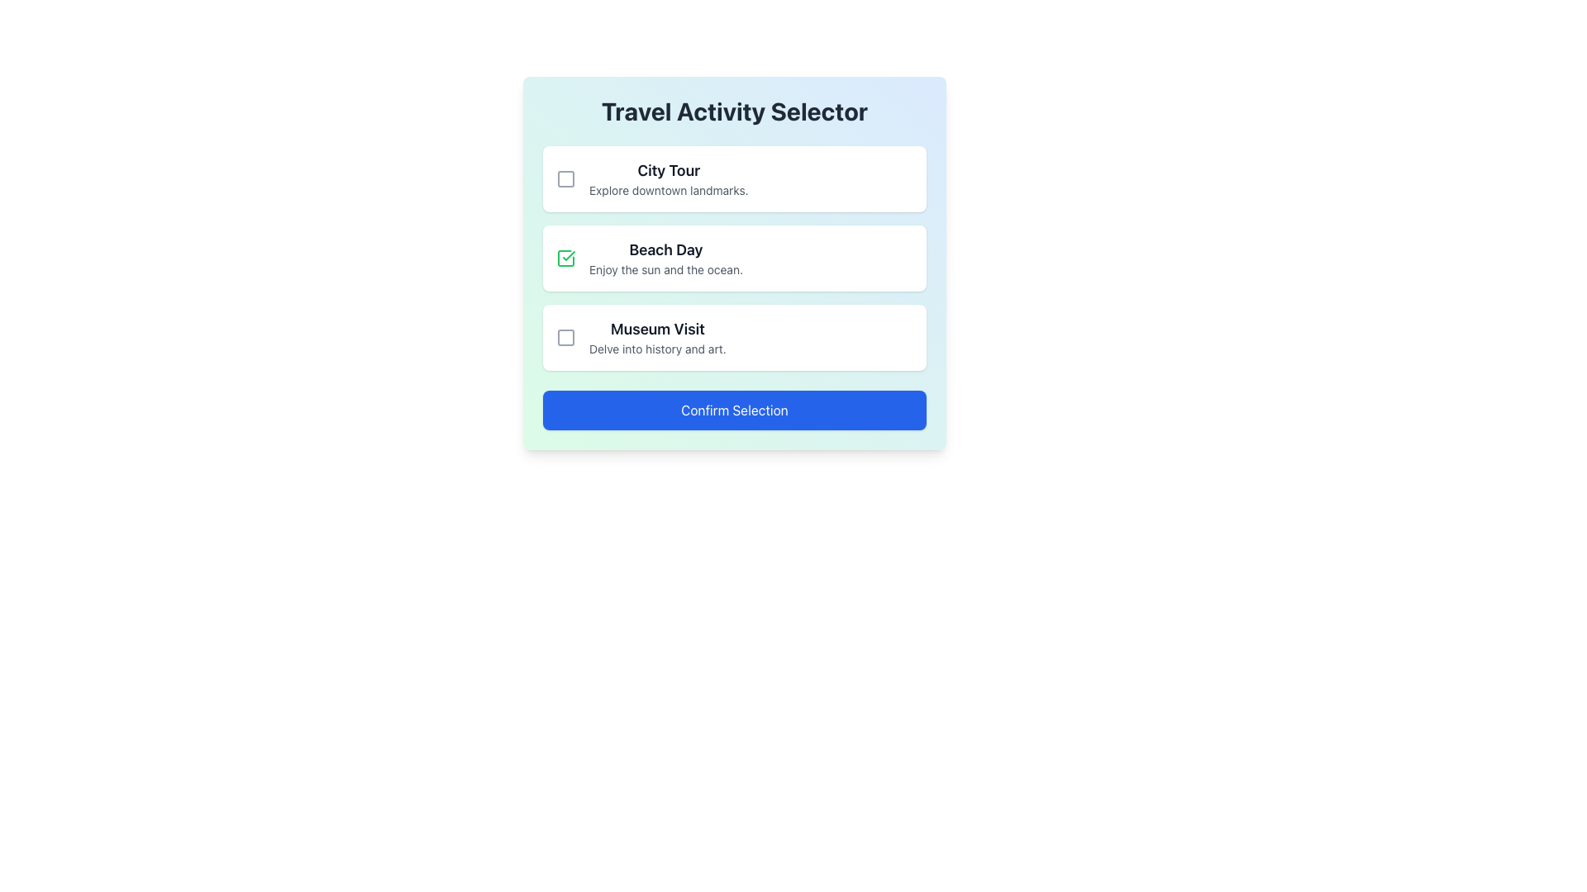 The height and width of the screenshot is (892, 1587). Describe the element at coordinates (666, 250) in the screenshot. I see `the 'Beach Day' title text label in the Travel Activity Selector list` at that location.